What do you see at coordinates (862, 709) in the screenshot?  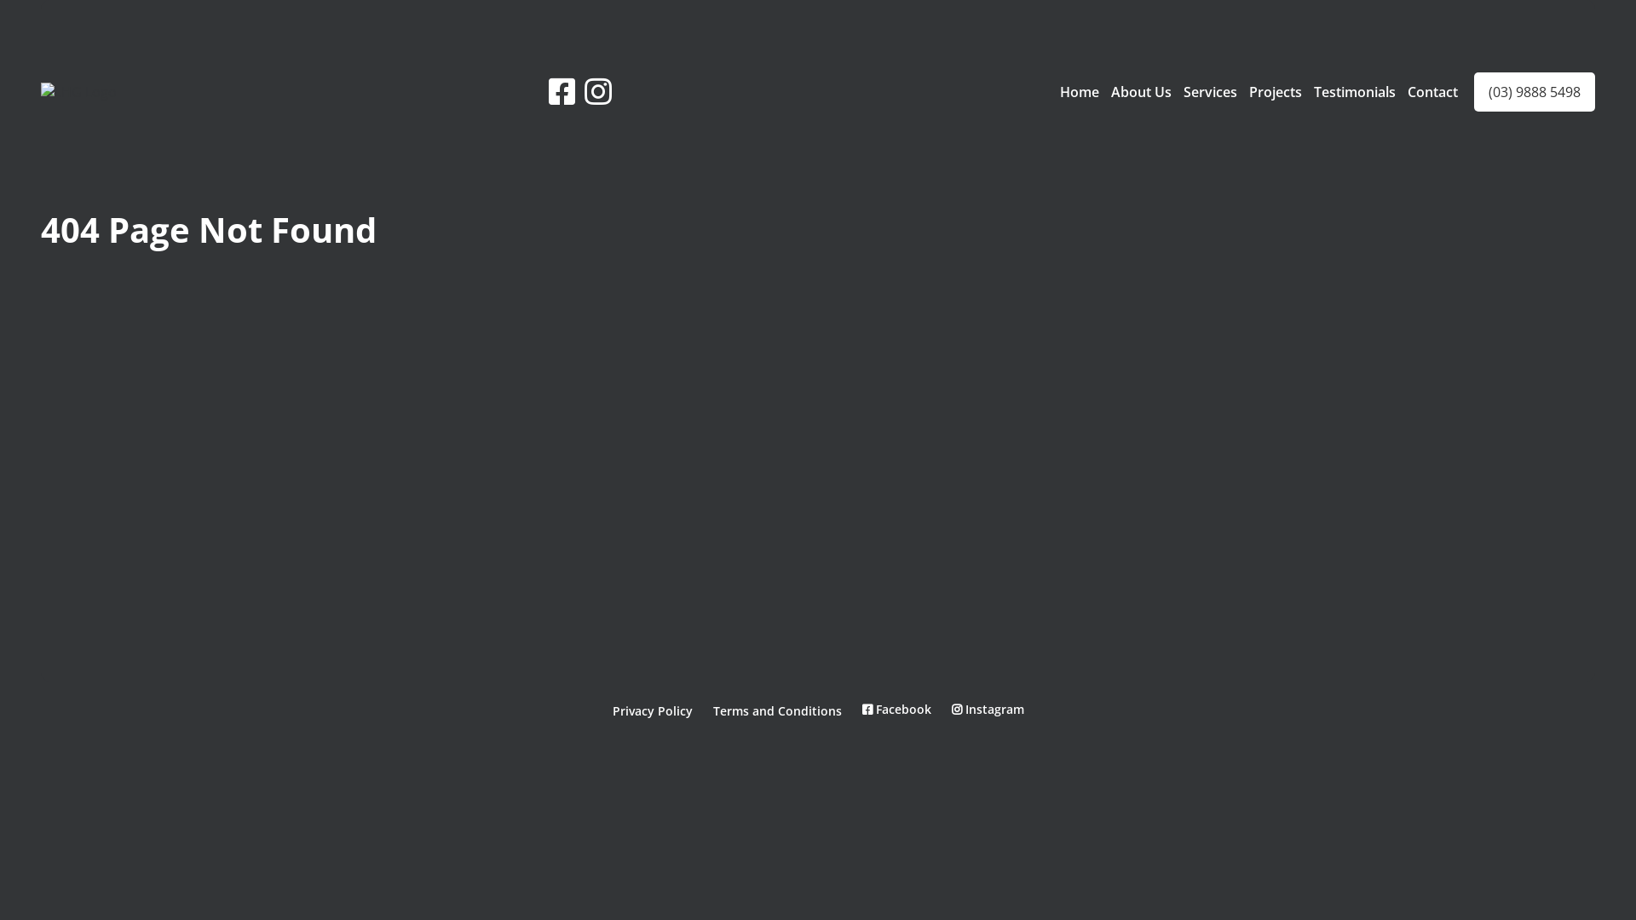 I see `'Facebook'` at bounding box center [862, 709].